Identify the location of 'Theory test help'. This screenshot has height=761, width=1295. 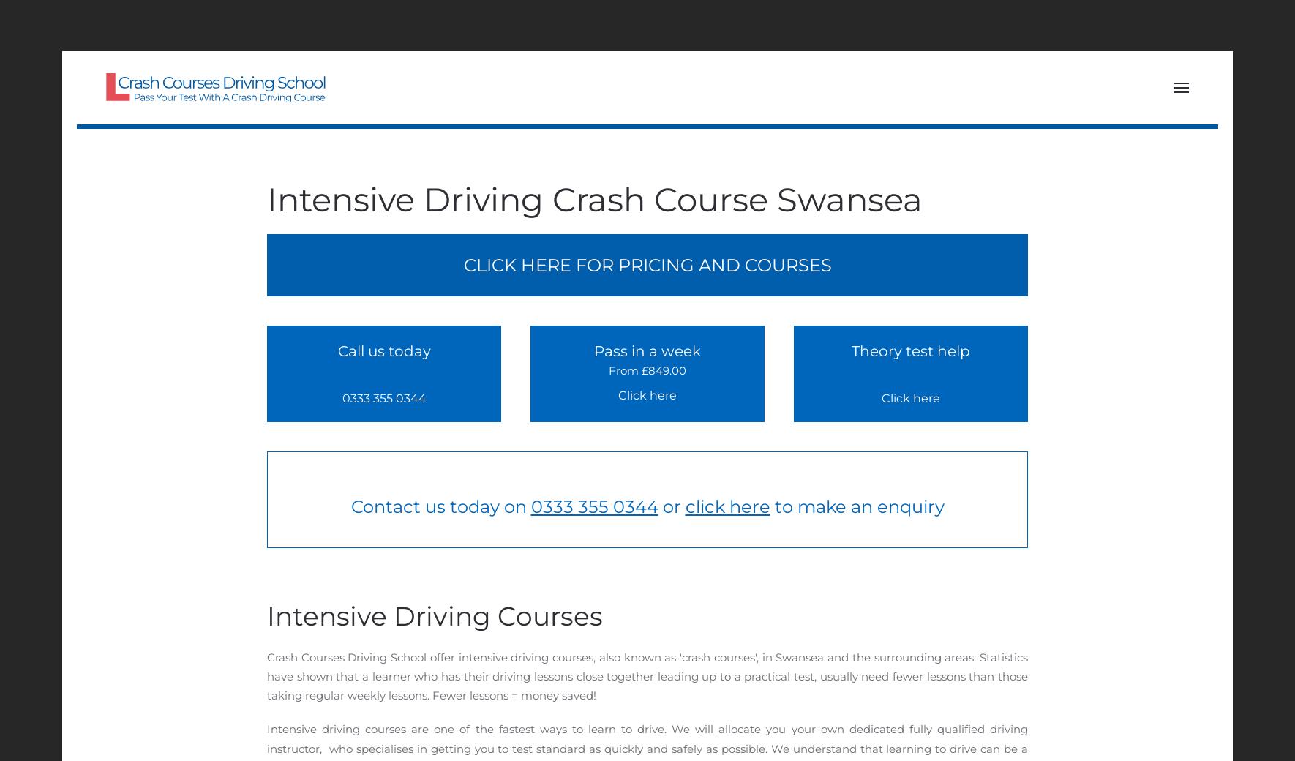
(851, 350).